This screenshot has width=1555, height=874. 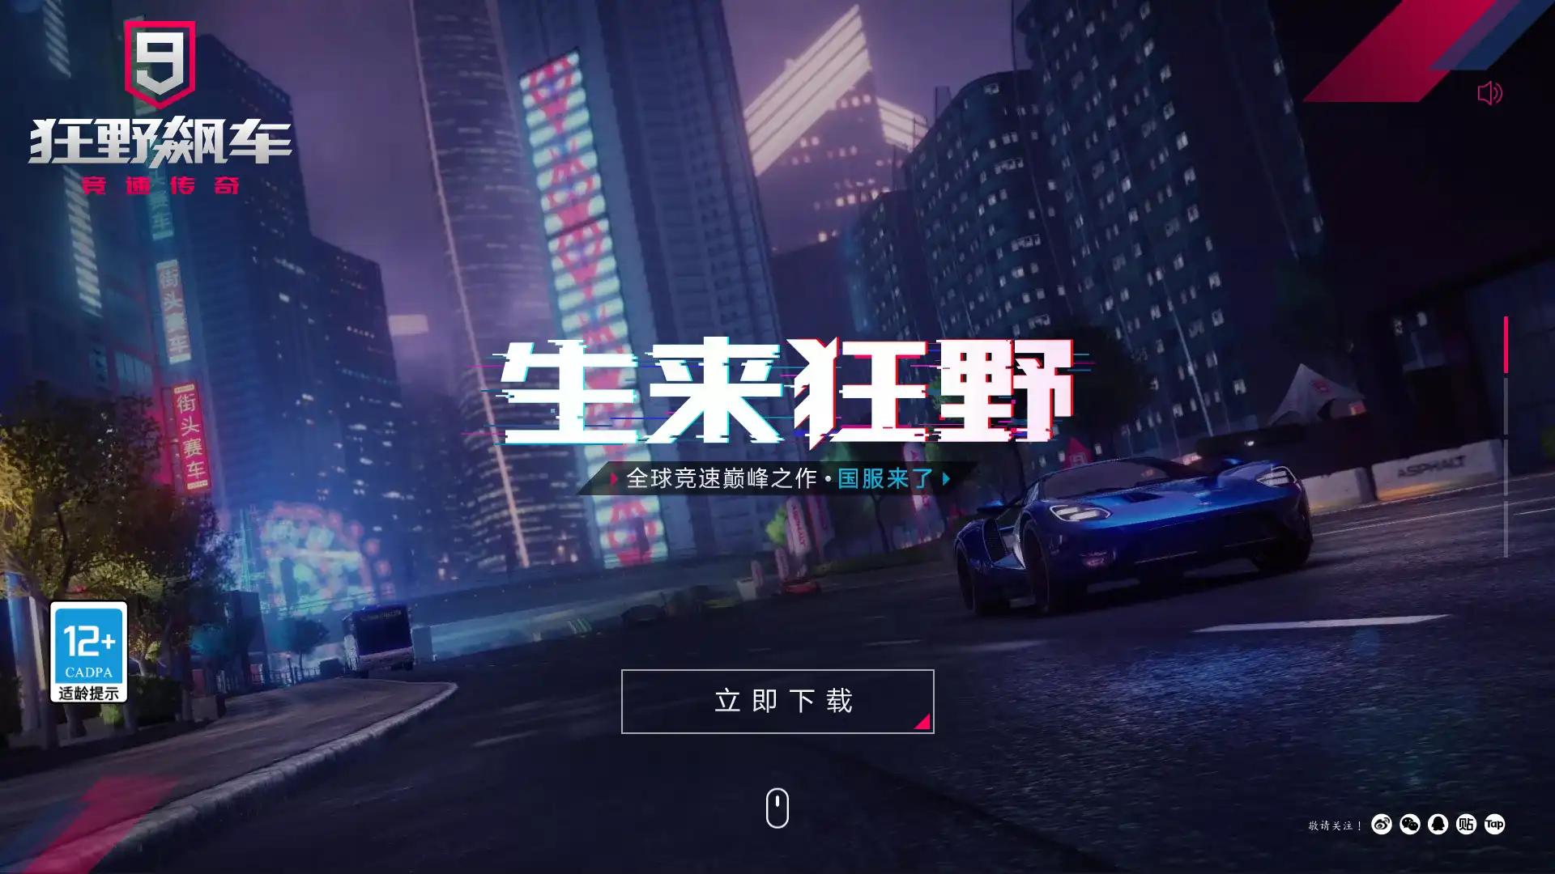 I want to click on Go to slide 2, so click(x=1505, y=405).